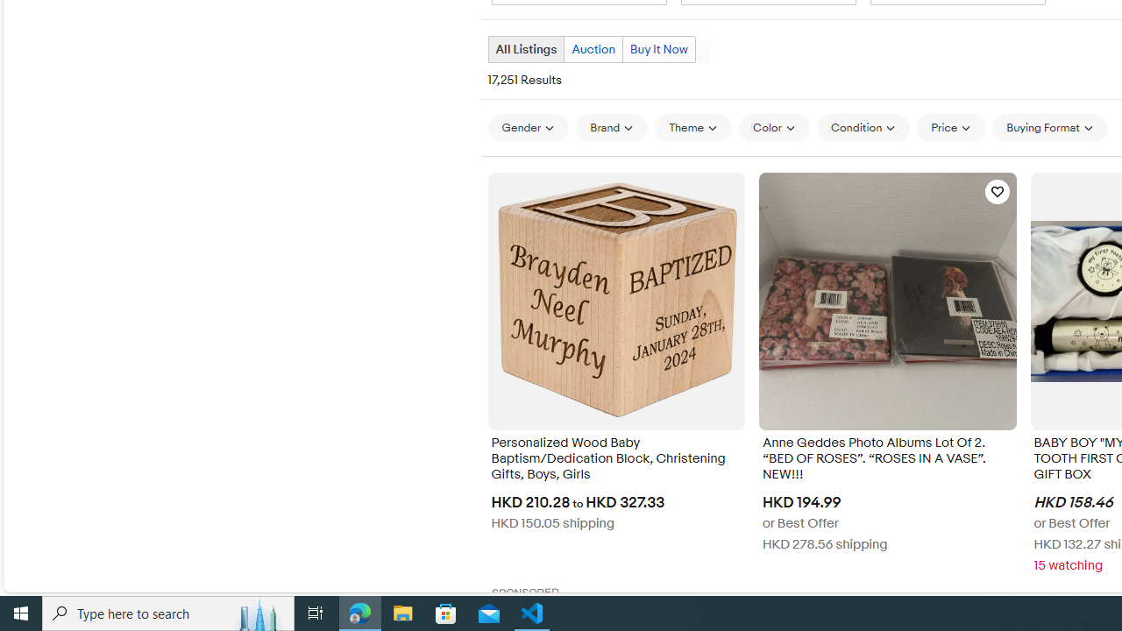 The width and height of the screenshot is (1122, 631). What do you see at coordinates (527, 126) in the screenshot?
I see `'Gender'` at bounding box center [527, 126].